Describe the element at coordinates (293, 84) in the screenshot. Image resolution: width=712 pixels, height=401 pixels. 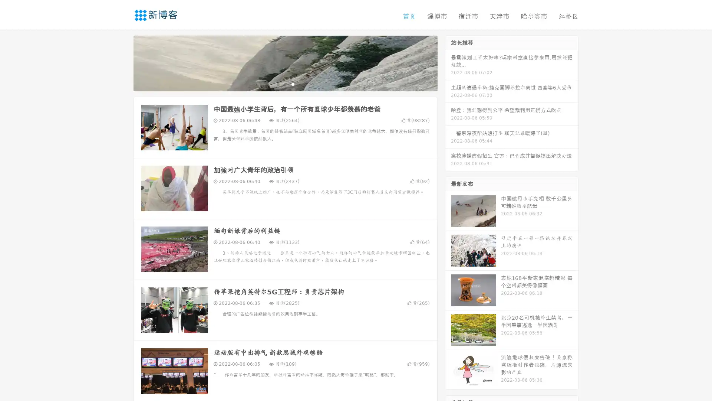
I see `Go to slide 3` at that location.